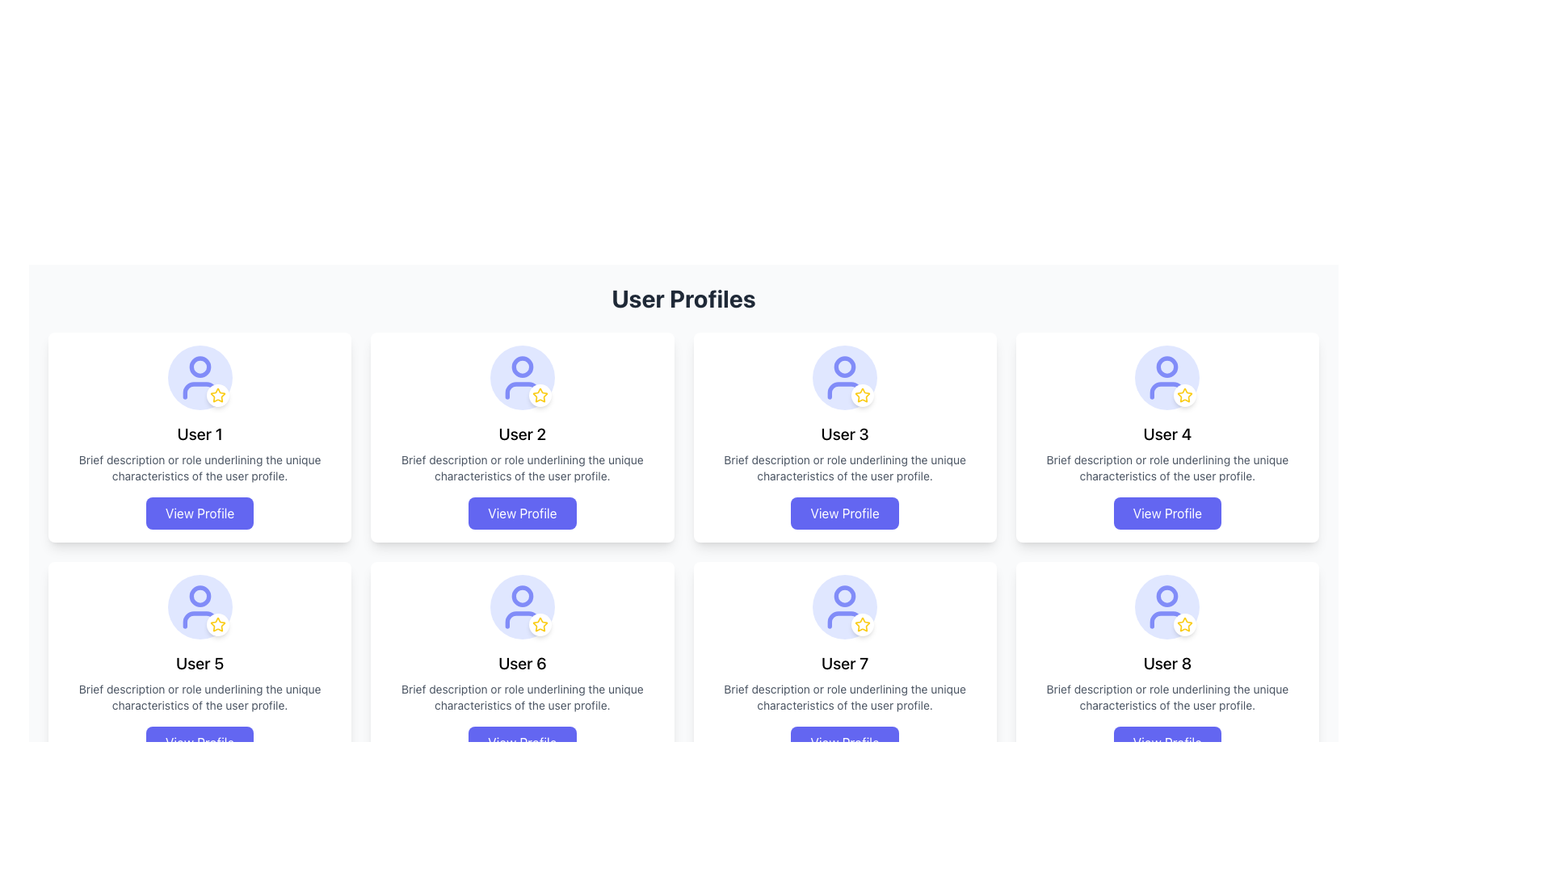 This screenshot has height=872, width=1551. I want to click on the 'View Profile' button, which is a rectangular button with white text on an indigo background, located at the bottom of the user card for 'User 1', so click(199, 514).